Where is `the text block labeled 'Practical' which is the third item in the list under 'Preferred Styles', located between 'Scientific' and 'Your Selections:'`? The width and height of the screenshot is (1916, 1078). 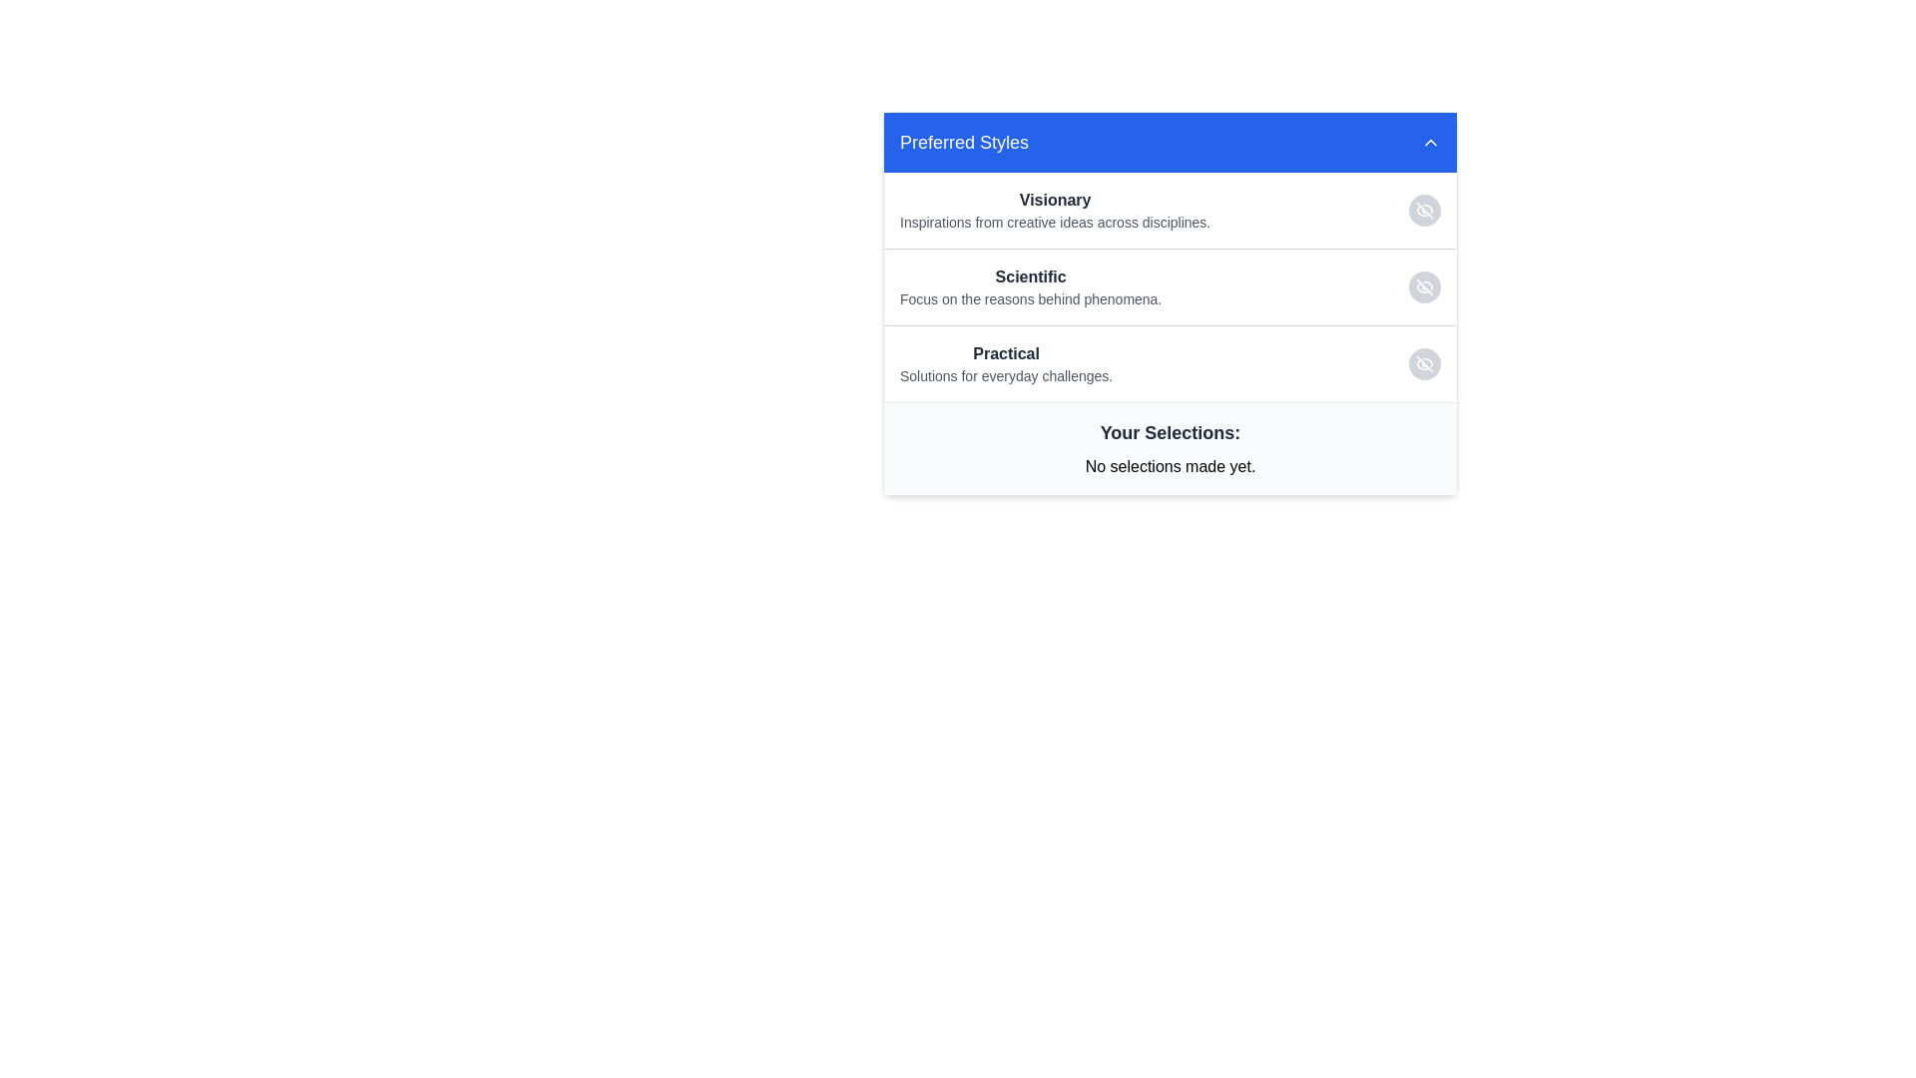
the text block labeled 'Practical' which is the third item in the list under 'Preferred Styles', located between 'Scientific' and 'Your Selections:' is located at coordinates (1006, 364).